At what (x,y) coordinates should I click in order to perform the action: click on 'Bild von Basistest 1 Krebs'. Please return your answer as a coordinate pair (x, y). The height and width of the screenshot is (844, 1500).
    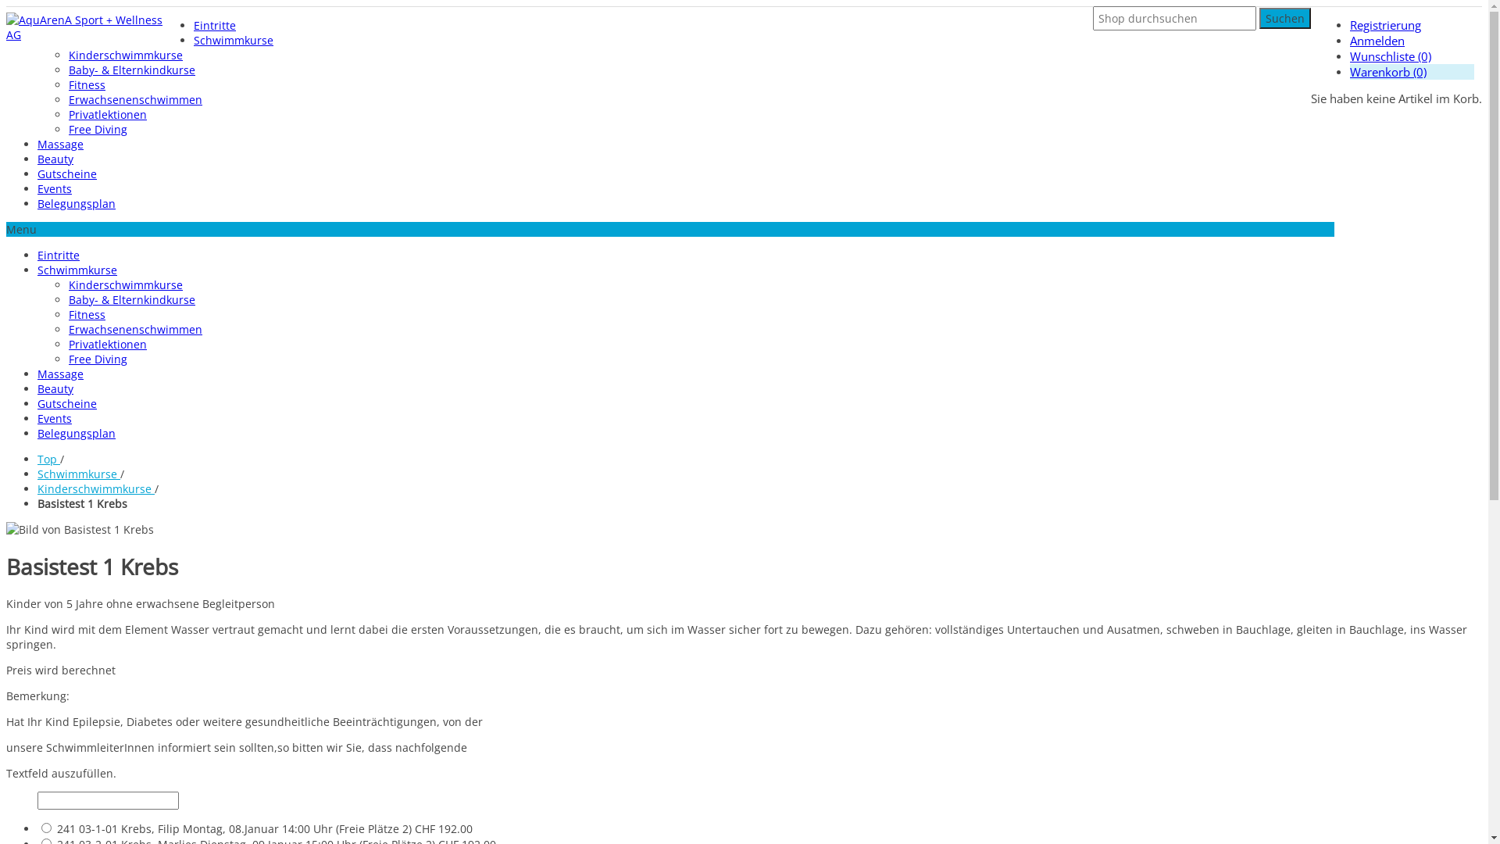
    Looking at the image, I should click on (6, 528).